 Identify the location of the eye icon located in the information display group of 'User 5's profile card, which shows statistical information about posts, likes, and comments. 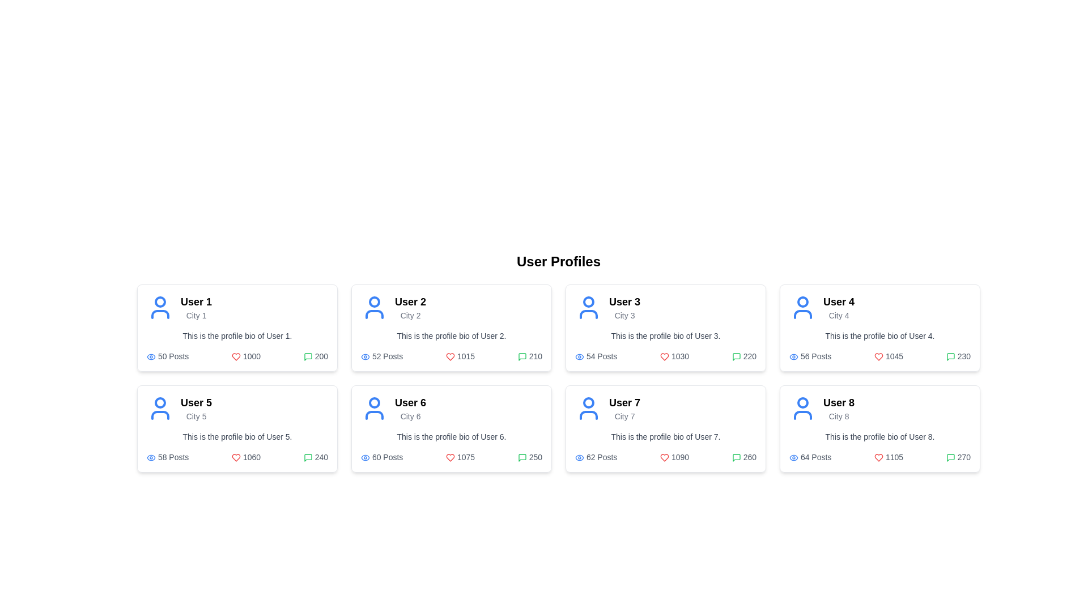
(236, 456).